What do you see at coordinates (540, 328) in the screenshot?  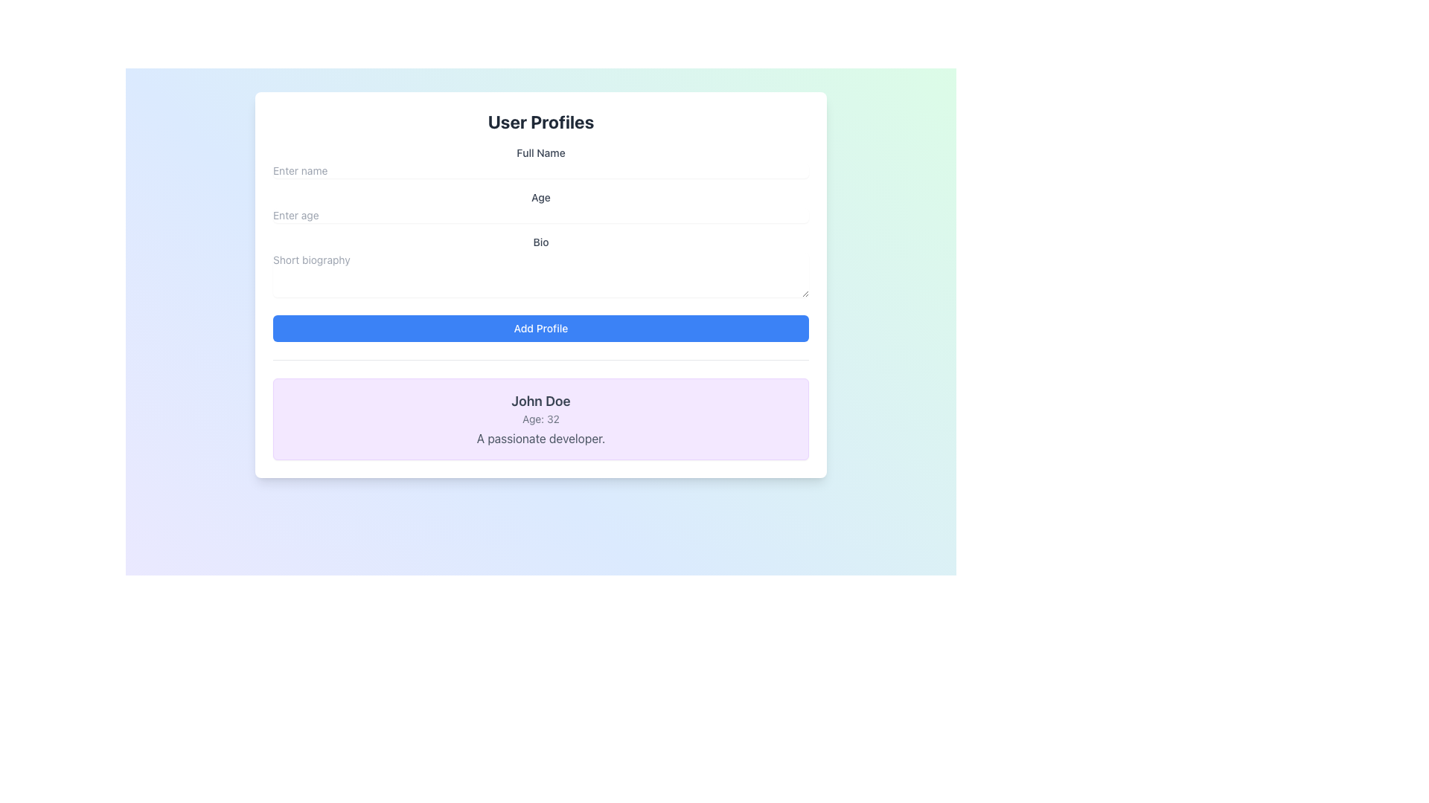 I see `the blue rectangular button labeled 'Add Profile'` at bounding box center [540, 328].